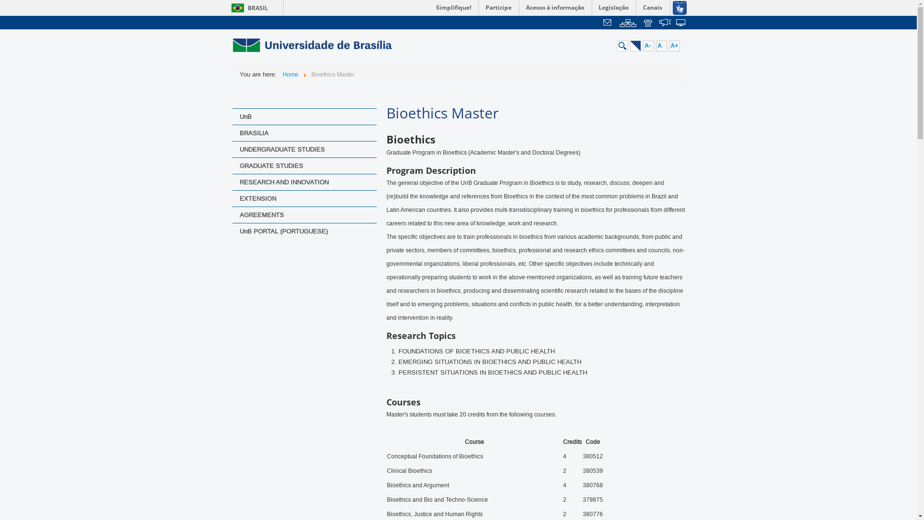 Image resolution: width=924 pixels, height=520 pixels. Describe the element at coordinates (304, 231) in the screenshot. I see `'UnB PORTAL (PORTUGUESE)'` at that location.